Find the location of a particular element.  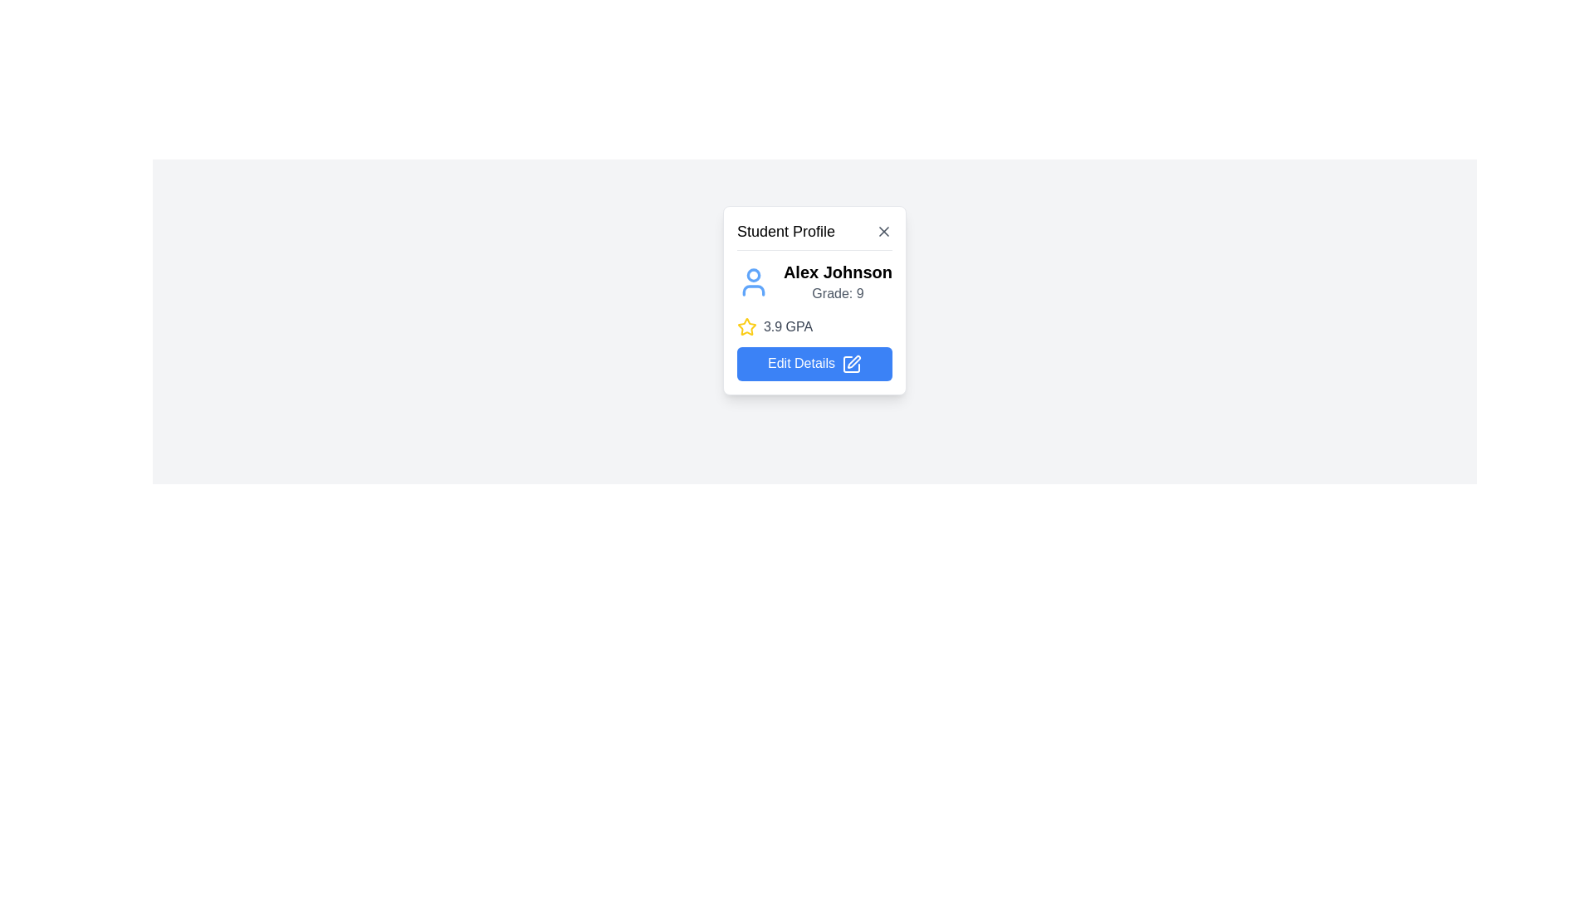

the 'X' icon in the top-right corner of the 'Student Profile' card is located at coordinates (883, 231).